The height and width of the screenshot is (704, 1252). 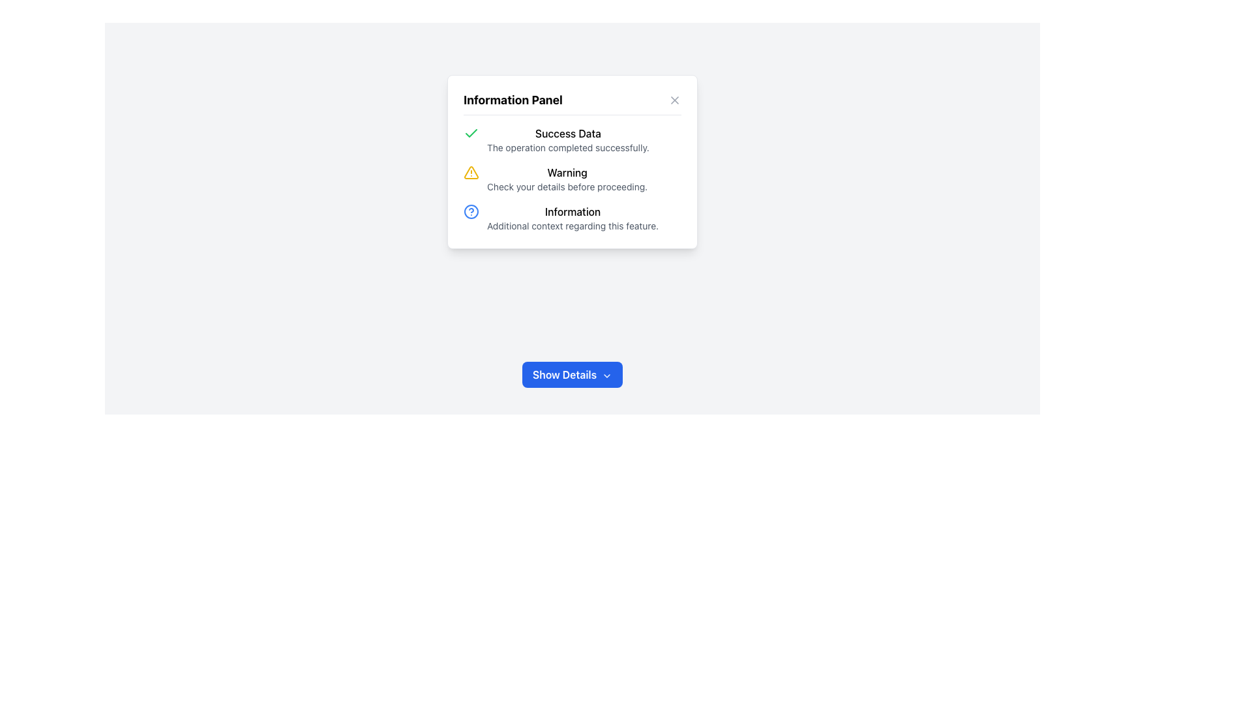 What do you see at coordinates (471, 133) in the screenshot?
I see `the success icon located to the left of the 'Success Data' text label in the 'Information Panel' dialog box` at bounding box center [471, 133].